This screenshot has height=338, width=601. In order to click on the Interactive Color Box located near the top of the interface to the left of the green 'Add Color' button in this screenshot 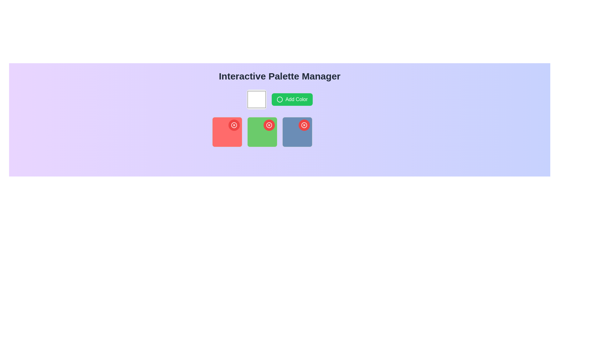, I will do `click(256, 99)`.